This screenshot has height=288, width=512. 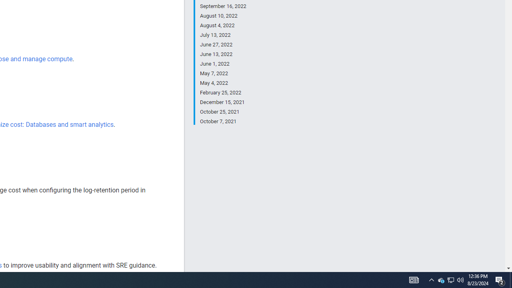 What do you see at coordinates (223, 44) in the screenshot?
I see `'June 27, 2022'` at bounding box center [223, 44].